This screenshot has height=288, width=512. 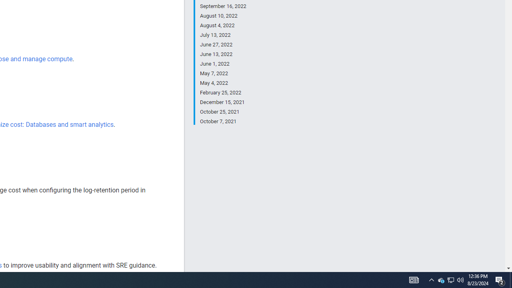 What do you see at coordinates (223, 44) in the screenshot?
I see `'June 27, 2022'` at bounding box center [223, 44].